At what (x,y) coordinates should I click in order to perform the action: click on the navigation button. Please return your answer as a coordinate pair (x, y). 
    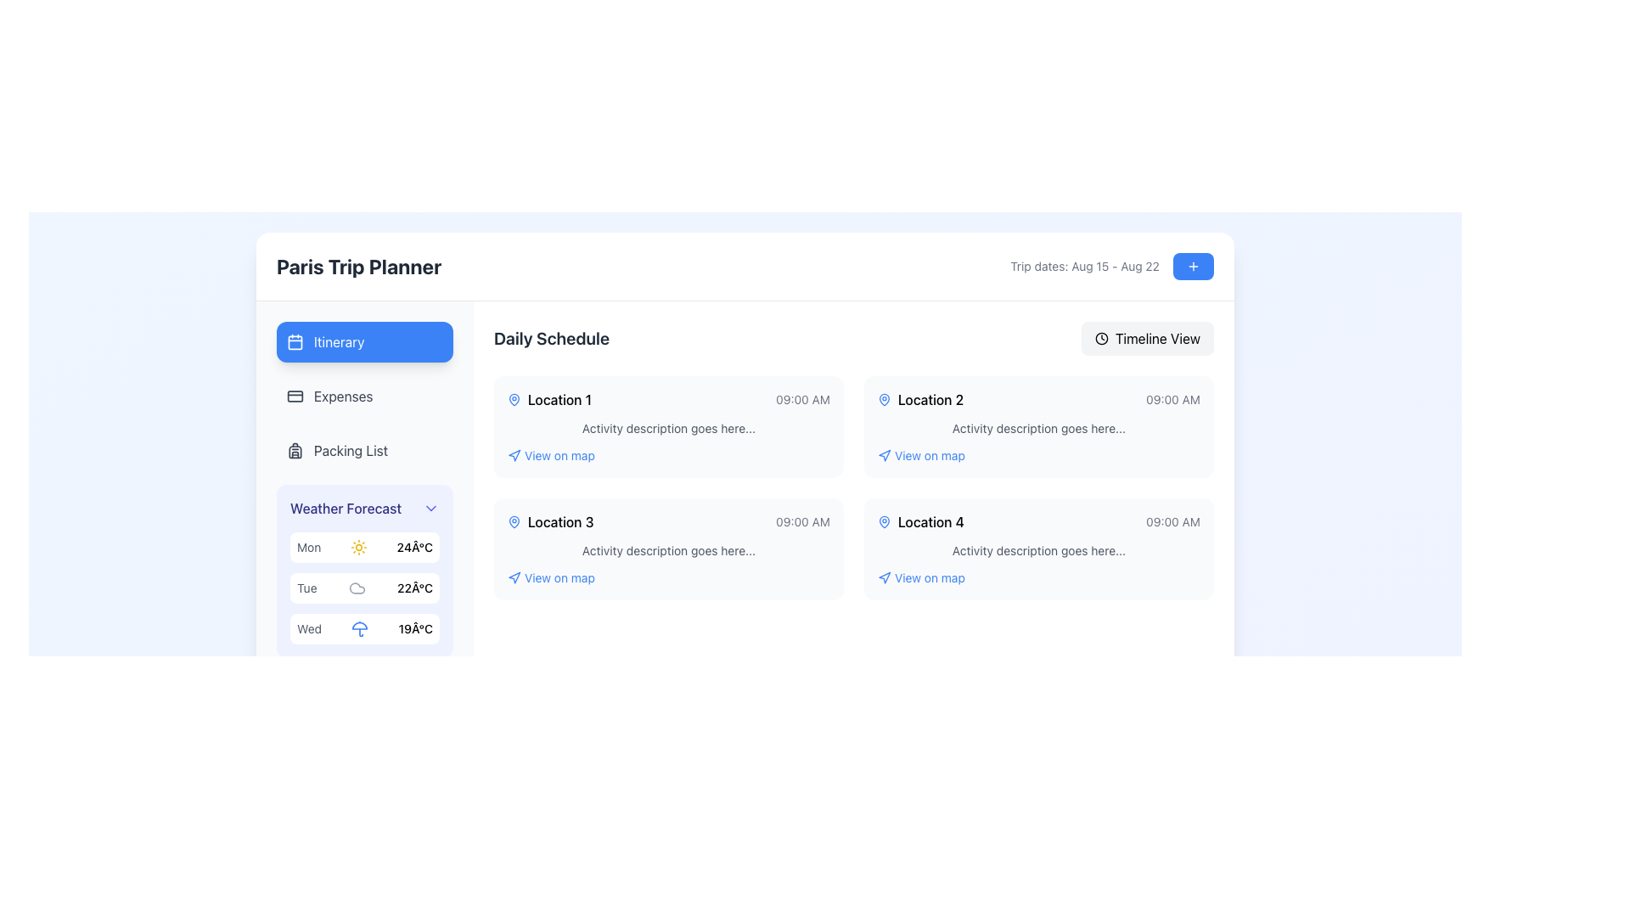
    Looking at the image, I should click on (364, 341).